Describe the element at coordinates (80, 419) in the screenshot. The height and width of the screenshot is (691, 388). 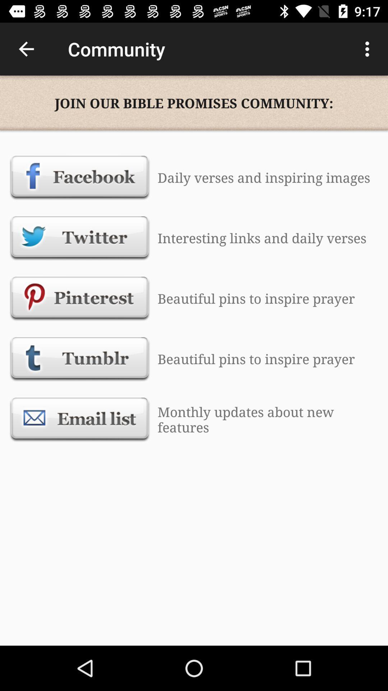
I see `the icon to the left of monthly updates about icon` at that location.